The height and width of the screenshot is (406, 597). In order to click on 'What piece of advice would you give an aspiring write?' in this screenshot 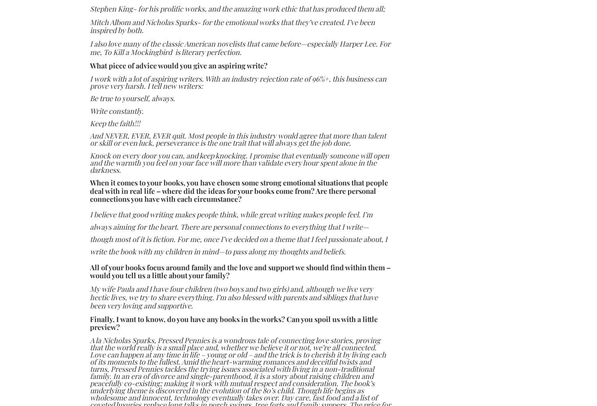, I will do `click(178, 65)`.